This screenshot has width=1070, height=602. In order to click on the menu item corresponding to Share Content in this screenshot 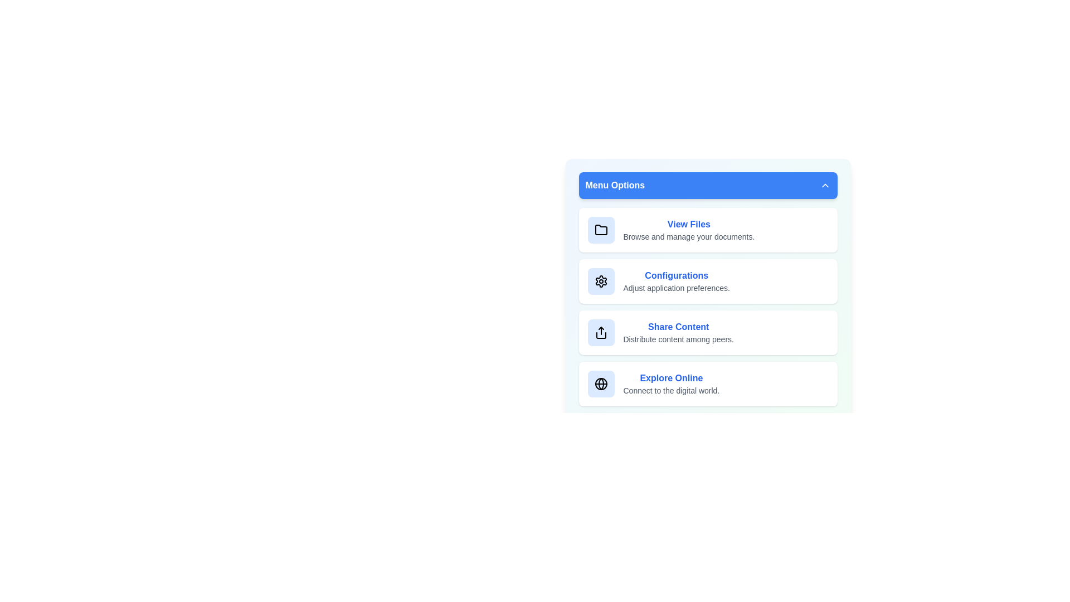, I will do `click(707, 332)`.